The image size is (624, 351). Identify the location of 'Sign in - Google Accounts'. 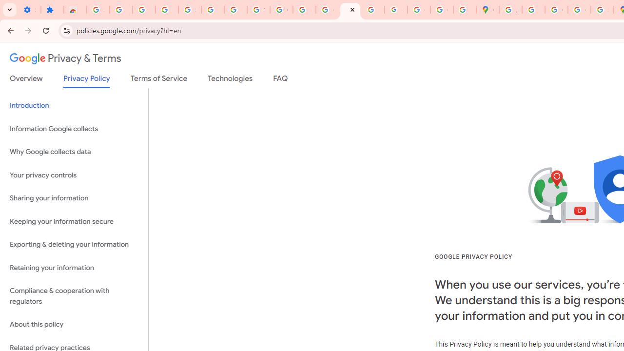
(98, 10).